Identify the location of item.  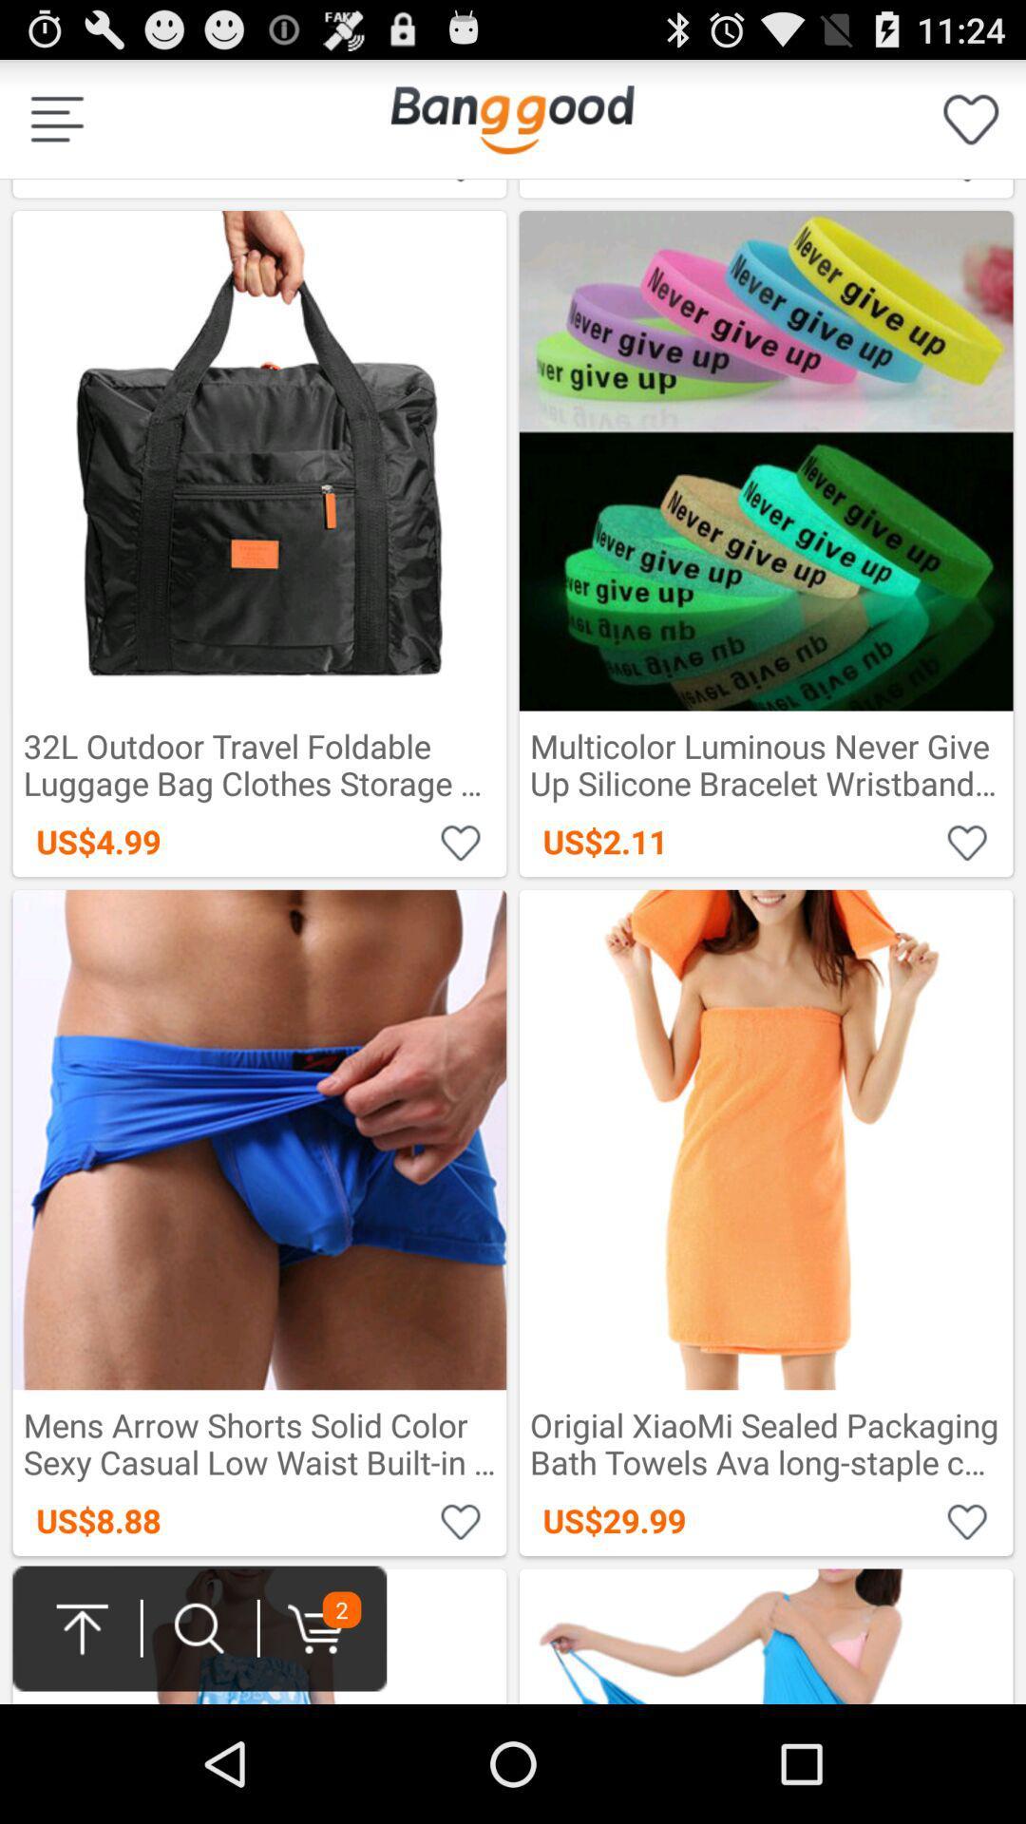
(461, 1520).